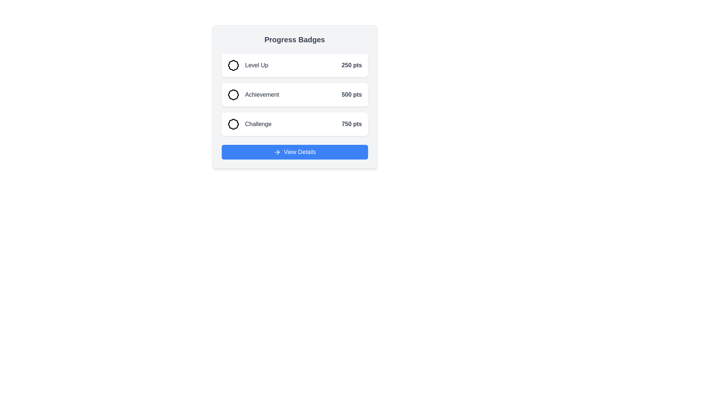 This screenshot has height=397, width=706. Describe the element at coordinates (253, 94) in the screenshot. I see `the Label with Icon (Composite) that displays a specific achievement type, positioned as the second entry in the list within the 'Progress Badges' card interface` at that location.